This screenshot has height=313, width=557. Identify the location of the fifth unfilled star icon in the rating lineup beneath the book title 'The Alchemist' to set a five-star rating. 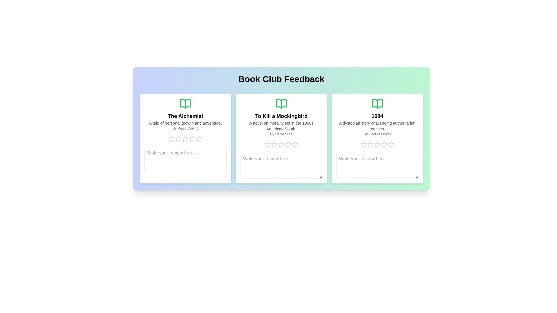
(199, 139).